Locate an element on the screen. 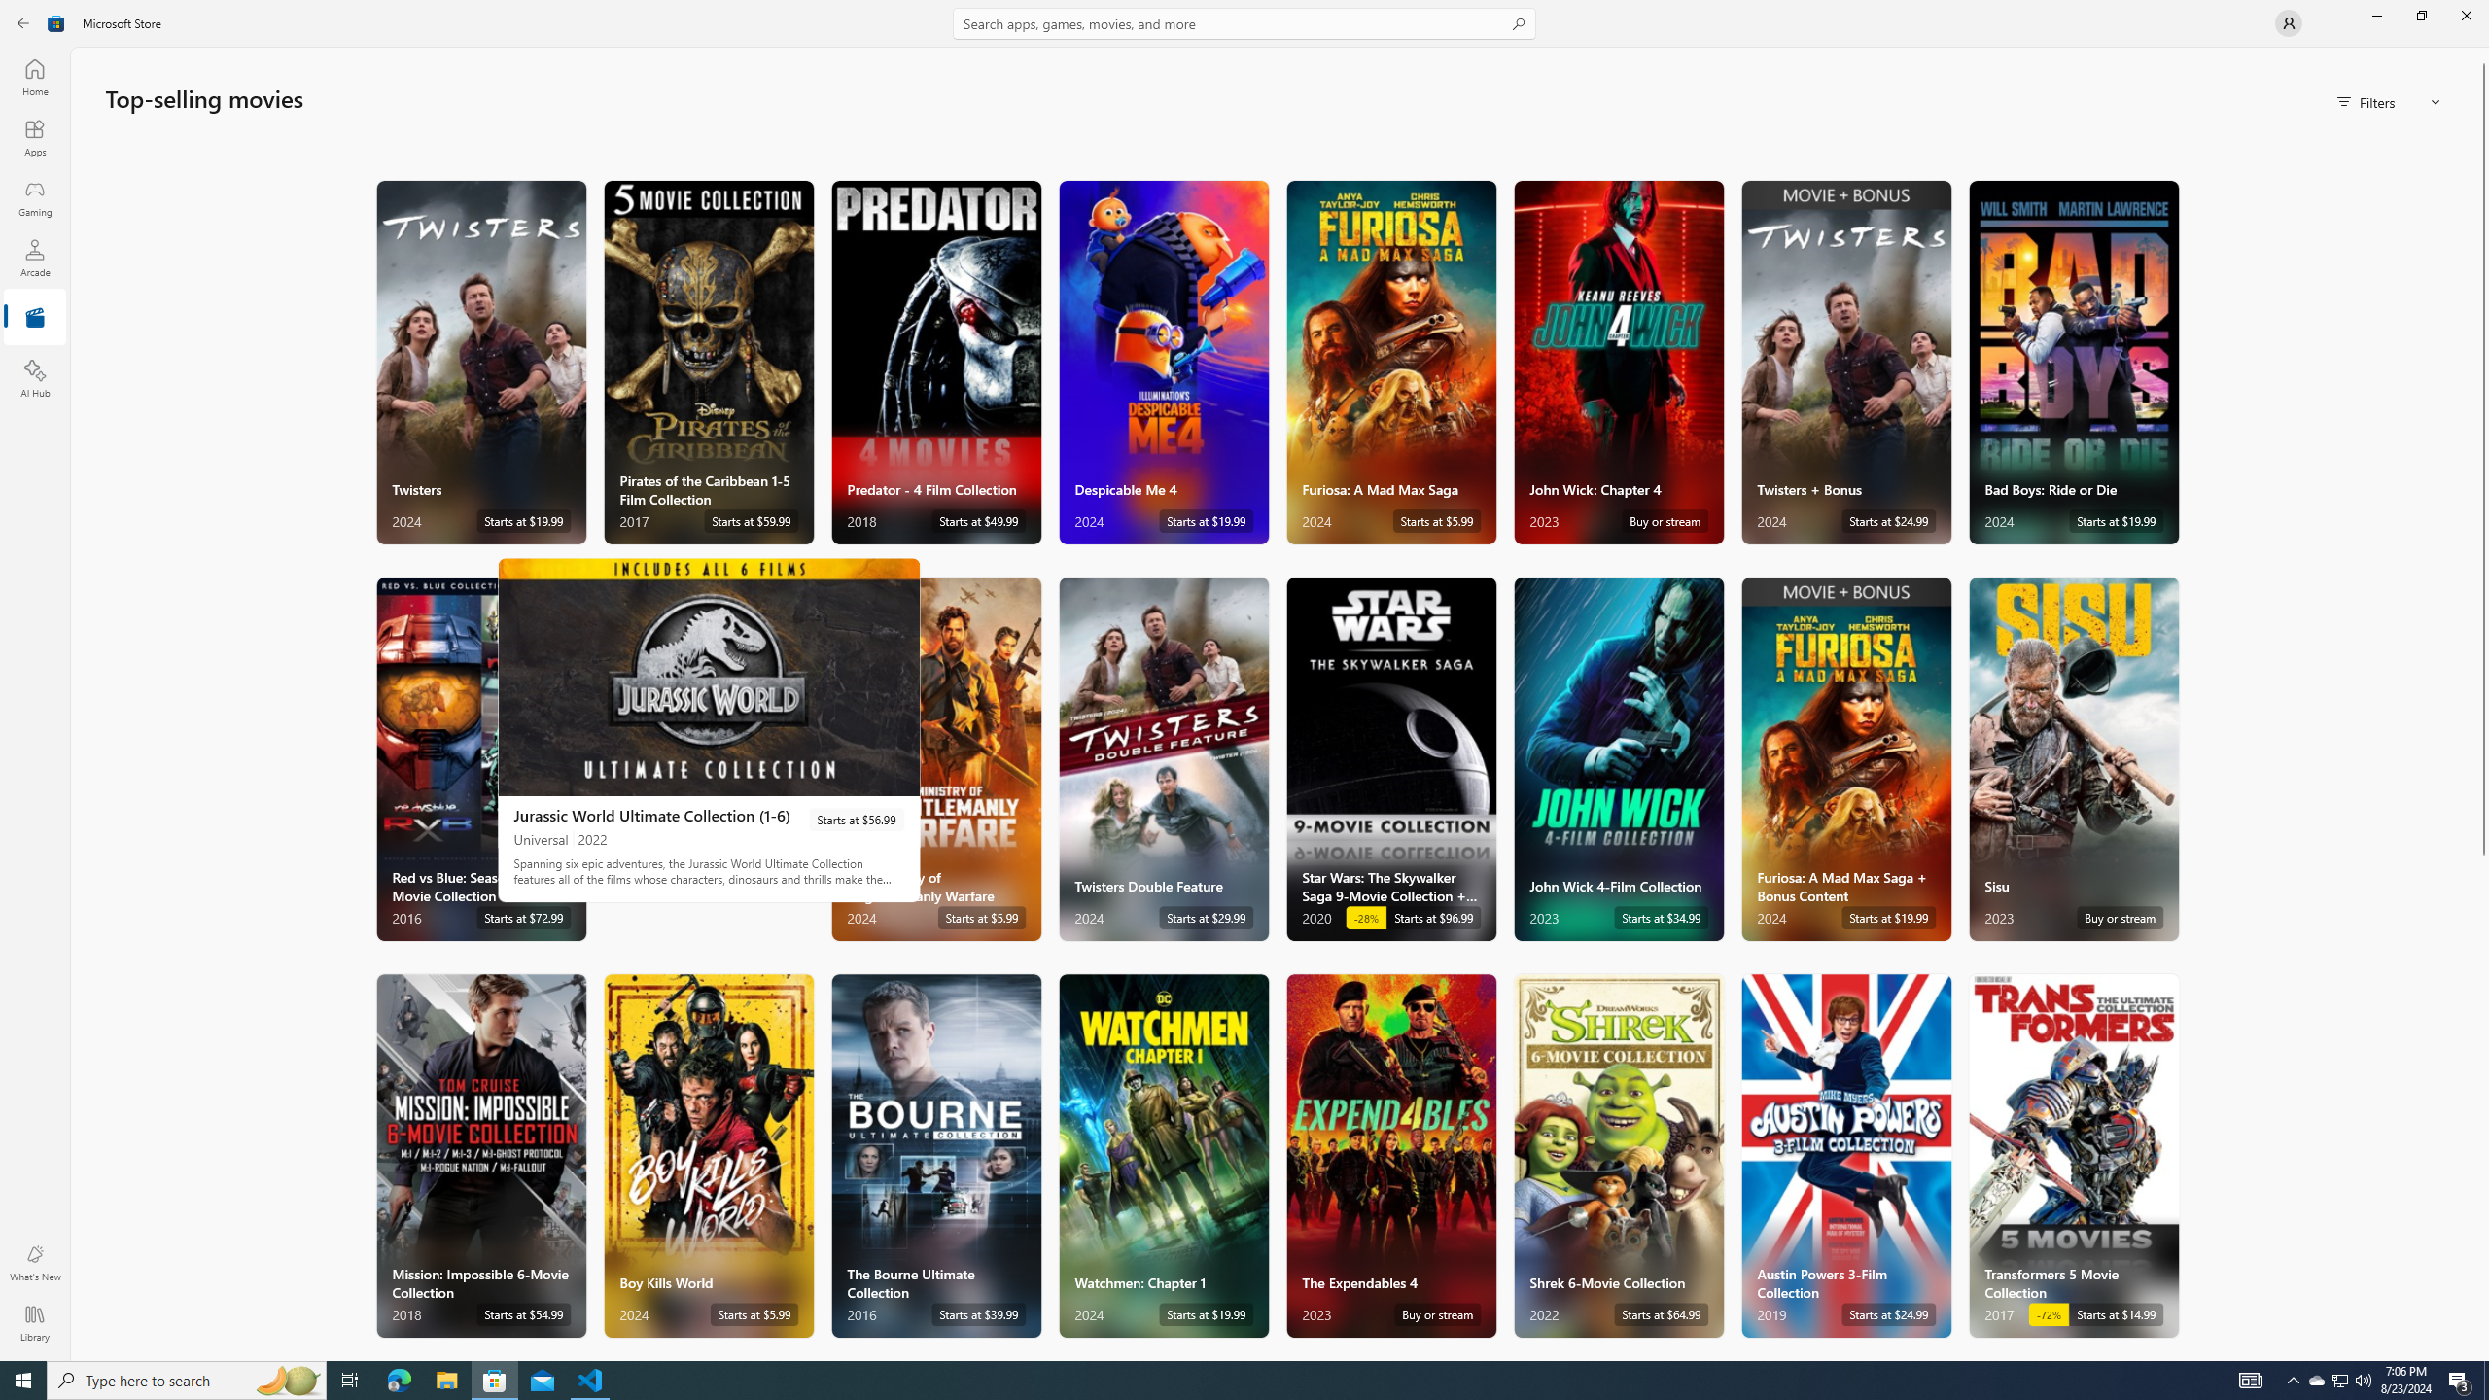 The width and height of the screenshot is (2489, 1400). 'Gaming' is located at coordinates (33, 196).